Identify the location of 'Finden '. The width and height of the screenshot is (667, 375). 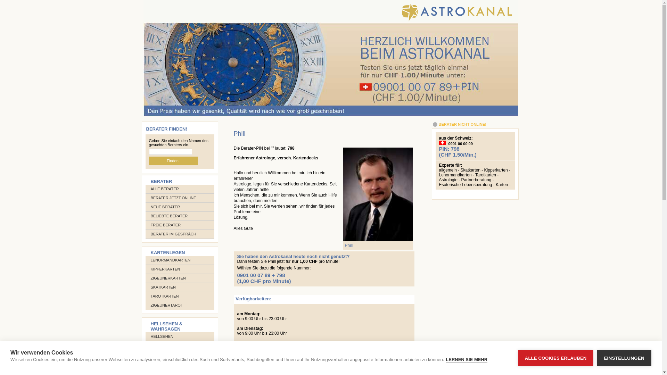
(173, 160).